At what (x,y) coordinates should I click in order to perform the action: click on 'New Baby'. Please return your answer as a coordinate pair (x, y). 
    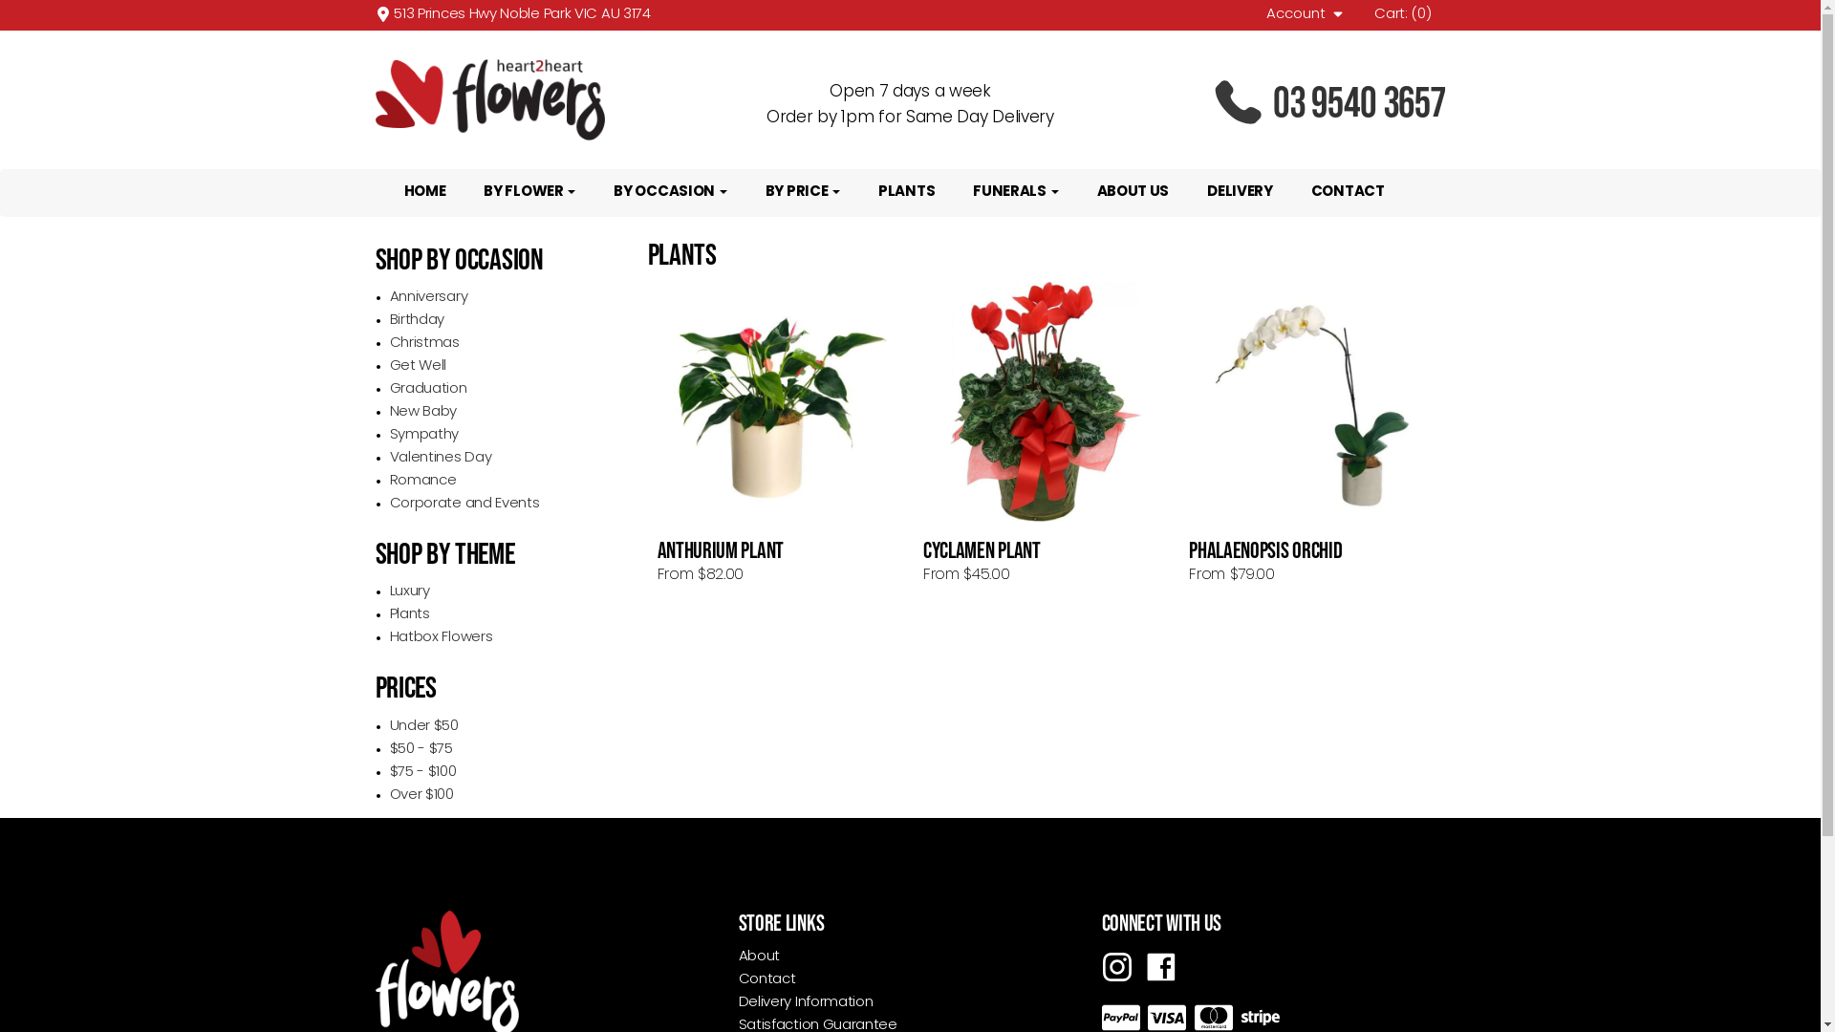
    Looking at the image, I should click on (422, 411).